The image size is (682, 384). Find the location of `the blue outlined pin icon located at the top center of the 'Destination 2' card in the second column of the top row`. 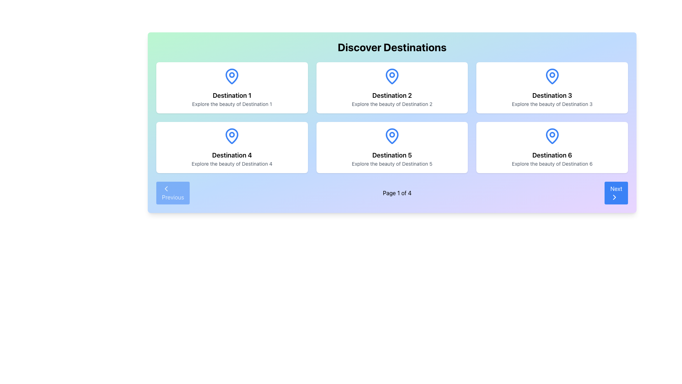

the blue outlined pin icon located at the top center of the 'Destination 2' card in the second column of the top row is located at coordinates (392, 76).